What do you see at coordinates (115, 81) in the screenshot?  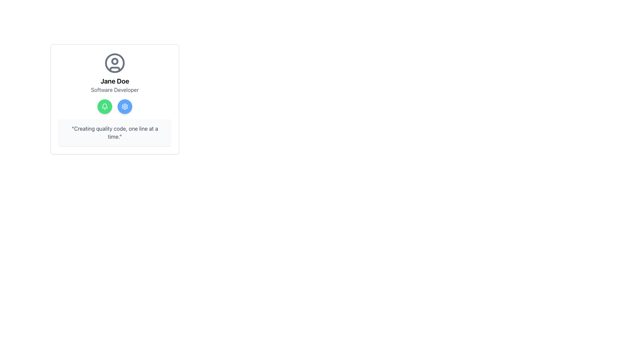 I see `the Text Label displaying 'Jane Doe', which is a bold, large font heading centered in the profile card, located beneath the user icon and above 'Software Developer'` at bounding box center [115, 81].